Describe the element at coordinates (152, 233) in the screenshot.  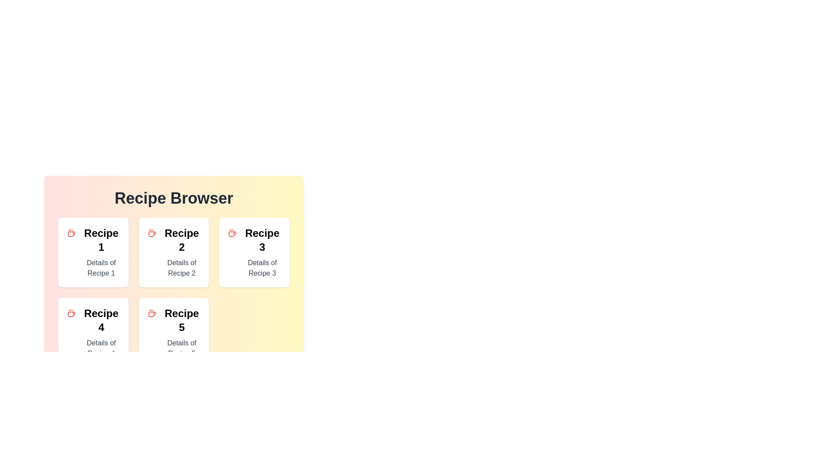
I see `the coffee cup icon located in the card labeled 'Recipe 2', positioned at the top-left corner of the card to the left of the title text 'Recipe 2'` at that location.